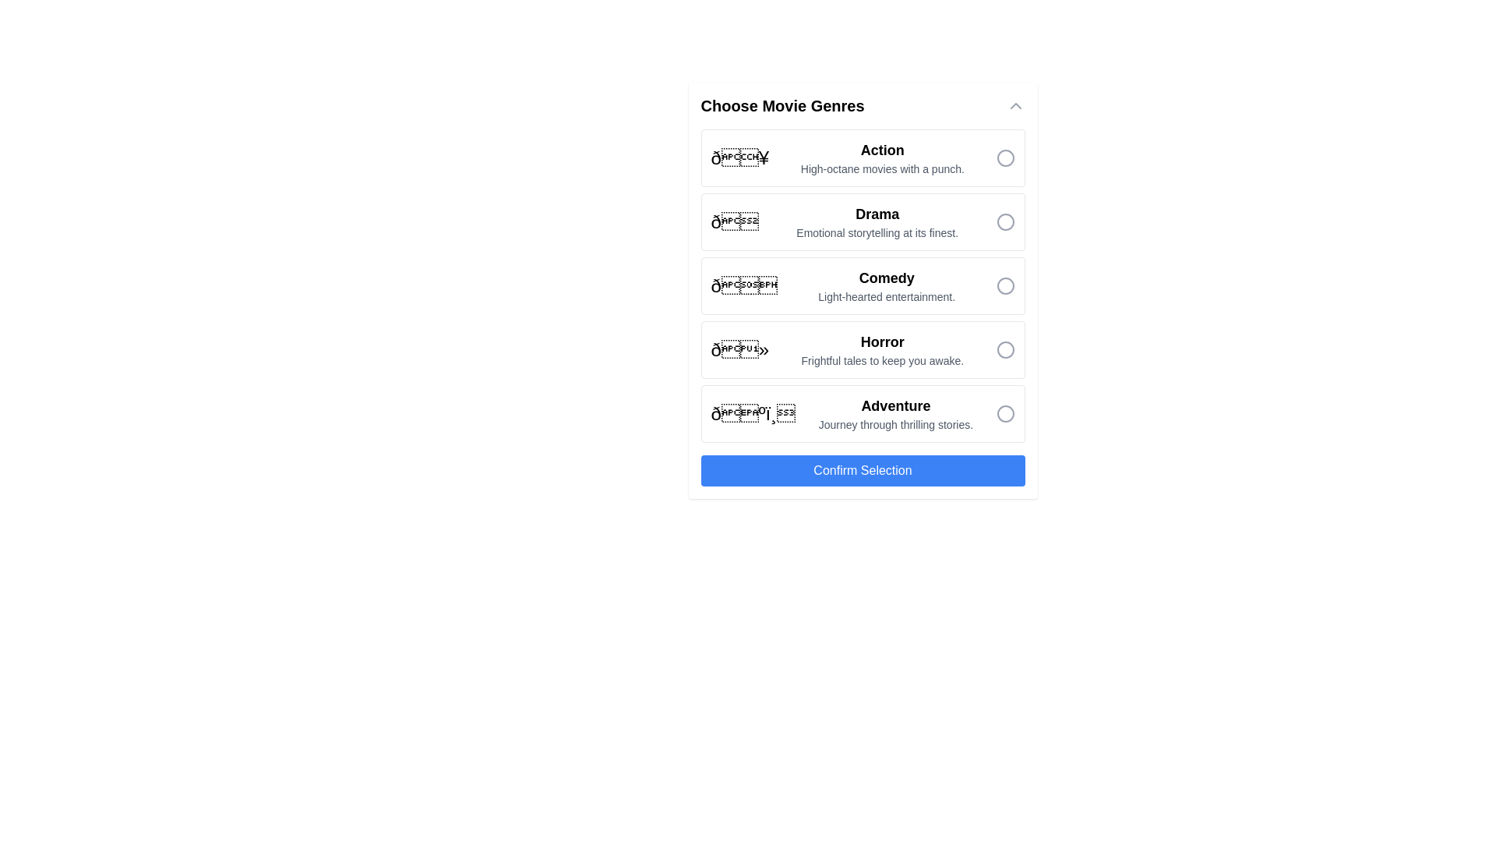 The height and width of the screenshot is (842, 1496). Describe the element at coordinates (739, 158) in the screenshot. I see `the 'Action' genre icon, which is a flame emoji located to the left of the text 'Action' and its description 'High-octane movies with a punch.'` at that location.